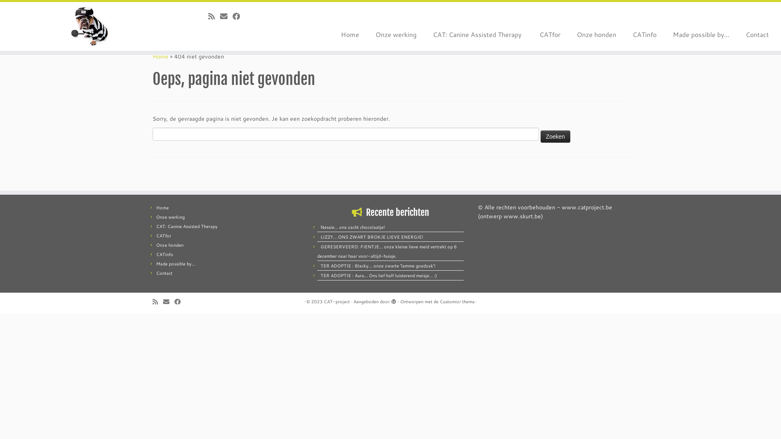 This screenshot has width=781, height=439. Describe the element at coordinates (390, 300) in the screenshot. I see `'Mogelijk gemaakt door WordPress'` at that location.